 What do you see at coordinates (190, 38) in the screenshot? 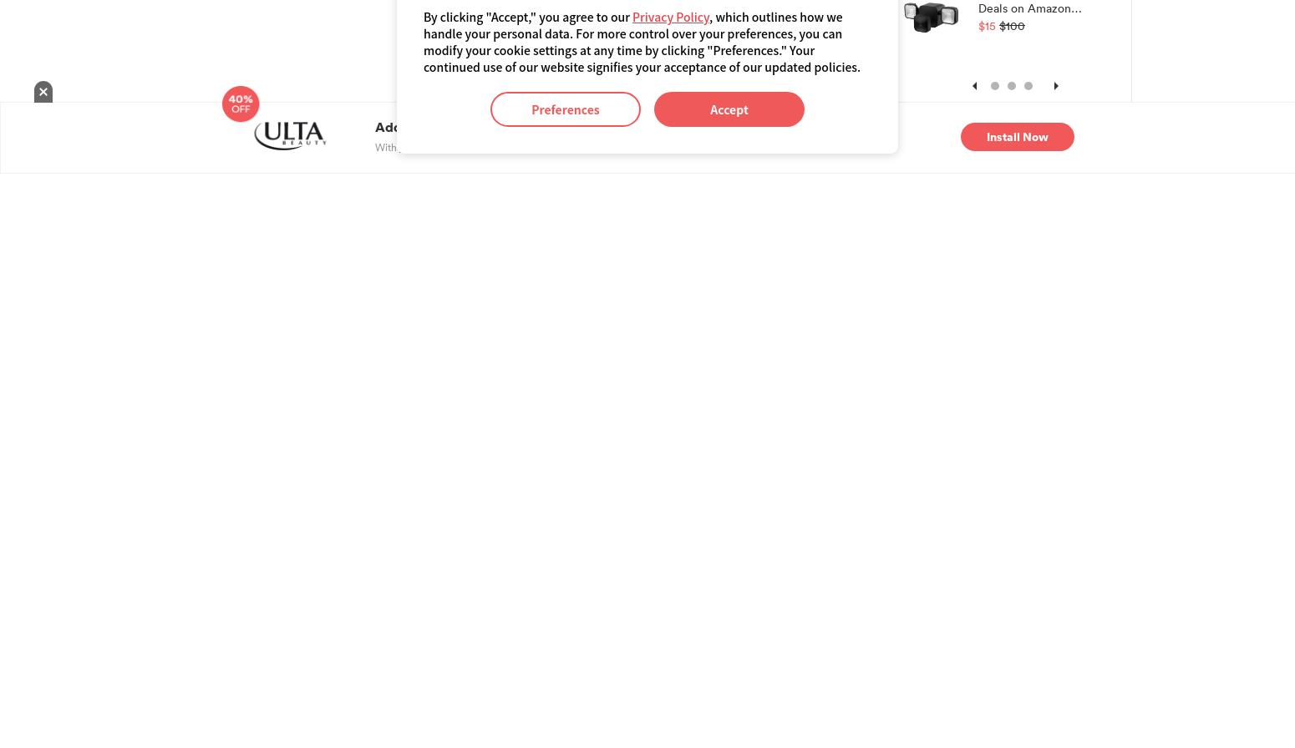
I see `'$99'` at bounding box center [190, 38].